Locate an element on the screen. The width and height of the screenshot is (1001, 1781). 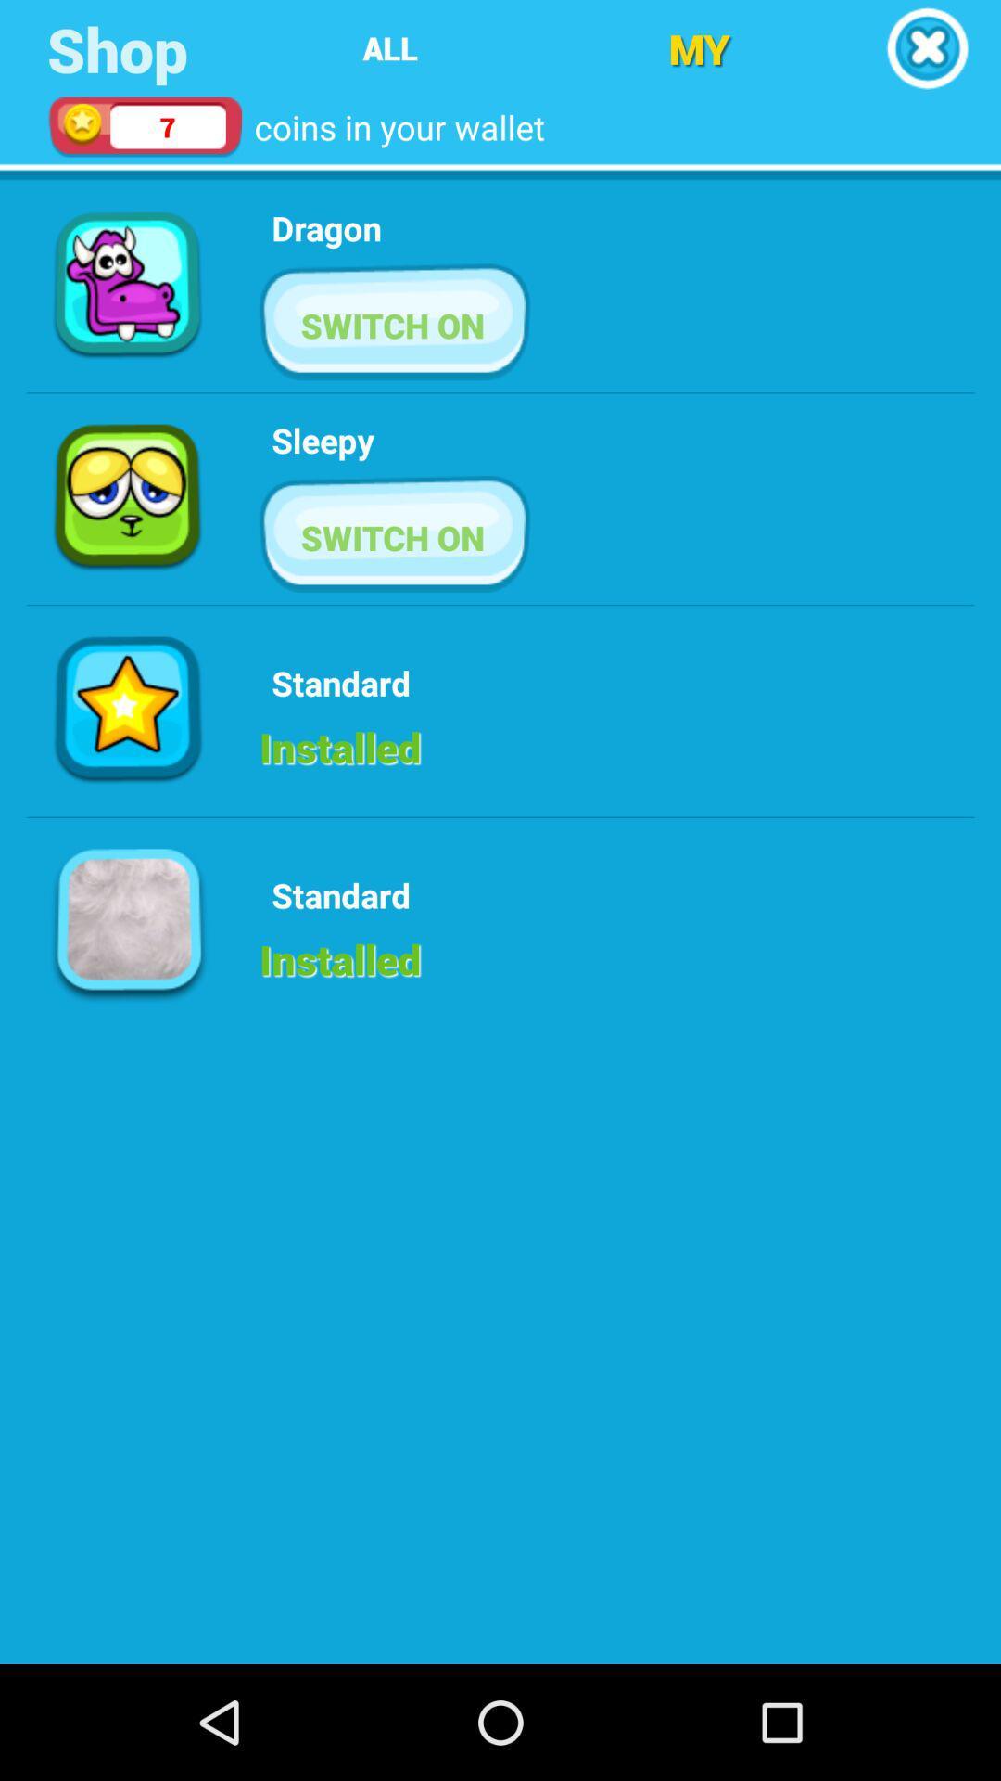
the icon to the left of my item is located at coordinates (389, 48).